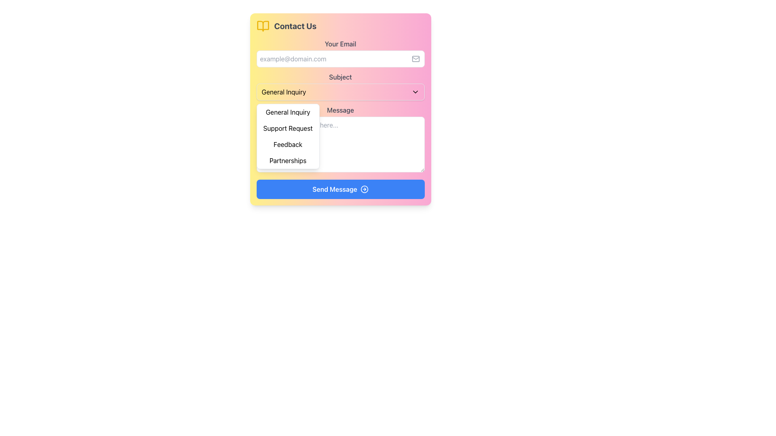 The height and width of the screenshot is (436, 776). I want to click on the Static Text Label displaying the word 'Message', which is a bold gray text located at the top of the input area, so click(340, 110).